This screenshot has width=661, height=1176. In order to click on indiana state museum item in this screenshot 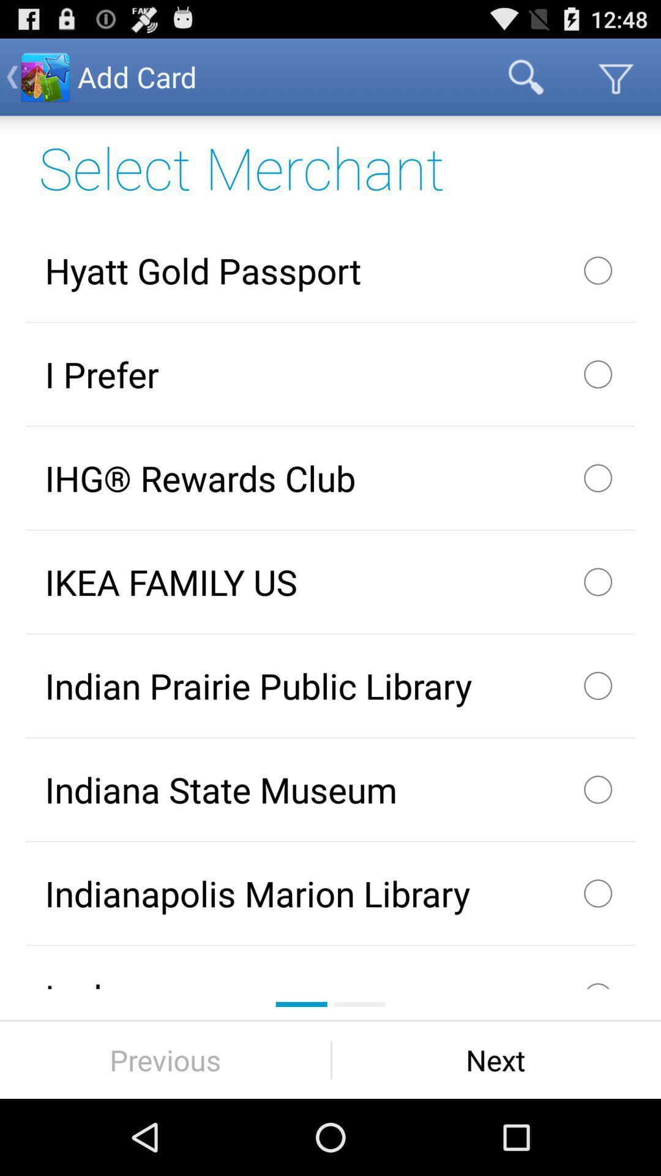, I will do `click(330, 790)`.